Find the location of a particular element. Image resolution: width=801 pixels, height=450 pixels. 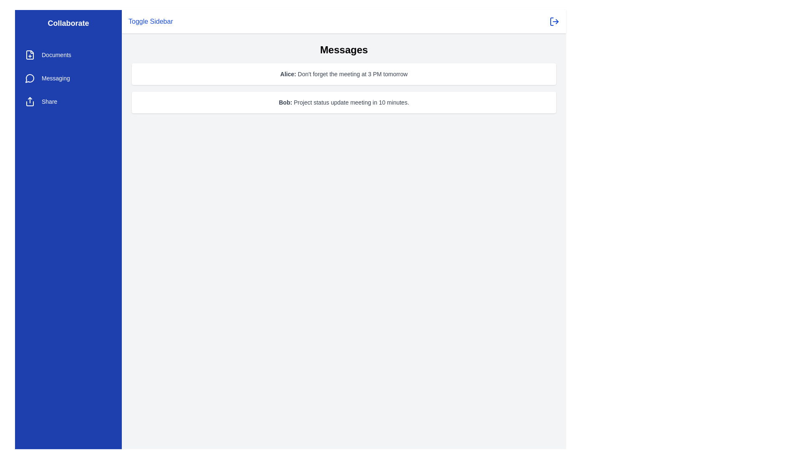

the 'Documents' text label in the left-hand sidebar navigation menu is located at coordinates (56, 55).